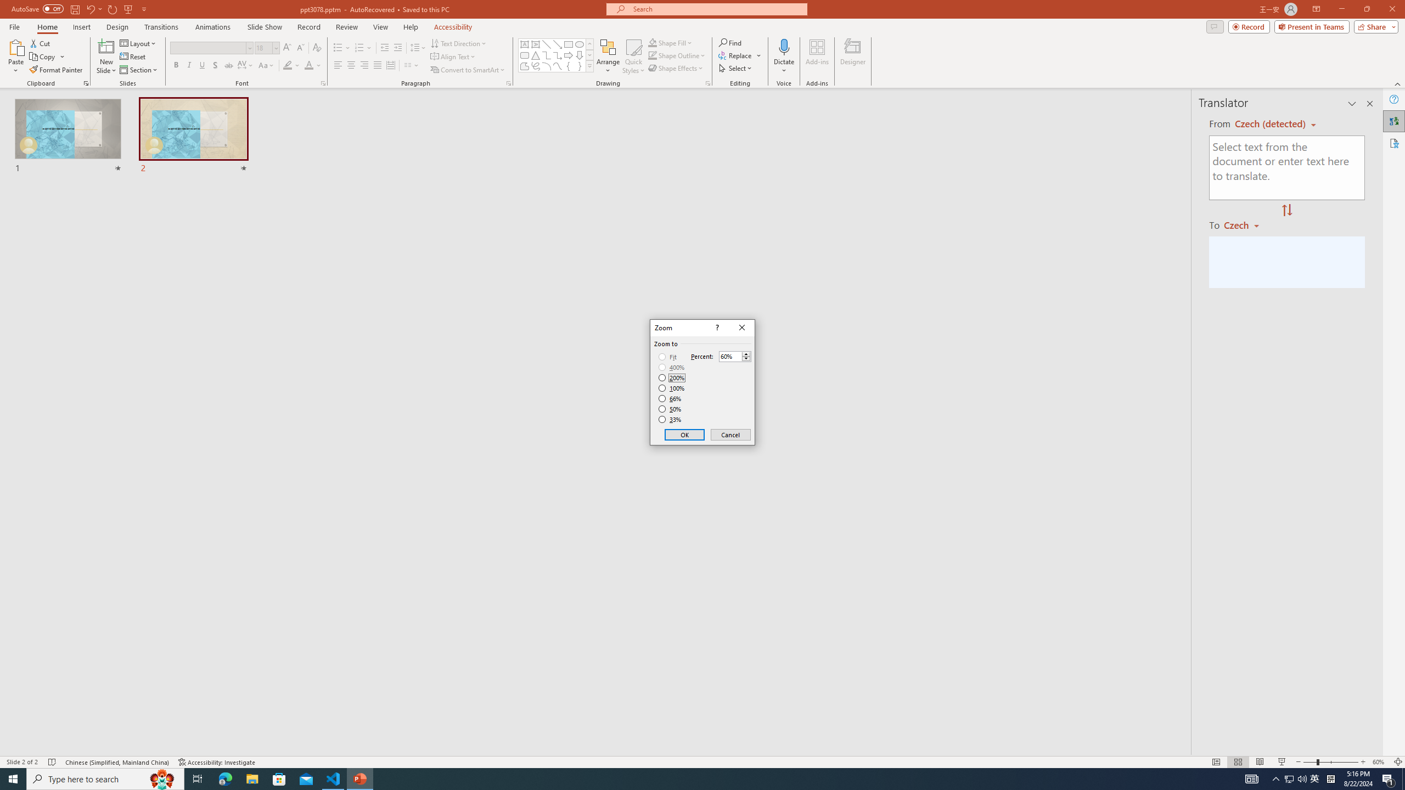  I want to click on 'Czech', so click(1246, 224).